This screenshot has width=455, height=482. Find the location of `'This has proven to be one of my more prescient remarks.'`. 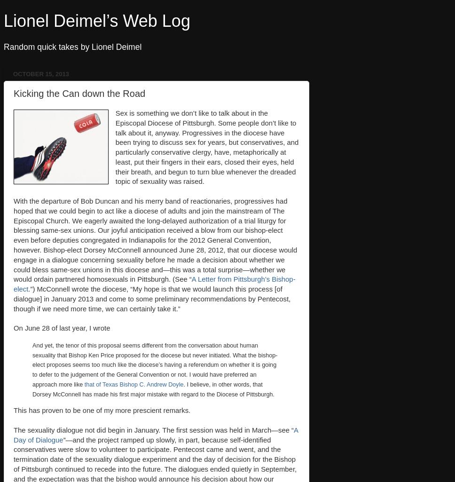

'This has proven to be one of my more prescient remarks.' is located at coordinates (102, 410).